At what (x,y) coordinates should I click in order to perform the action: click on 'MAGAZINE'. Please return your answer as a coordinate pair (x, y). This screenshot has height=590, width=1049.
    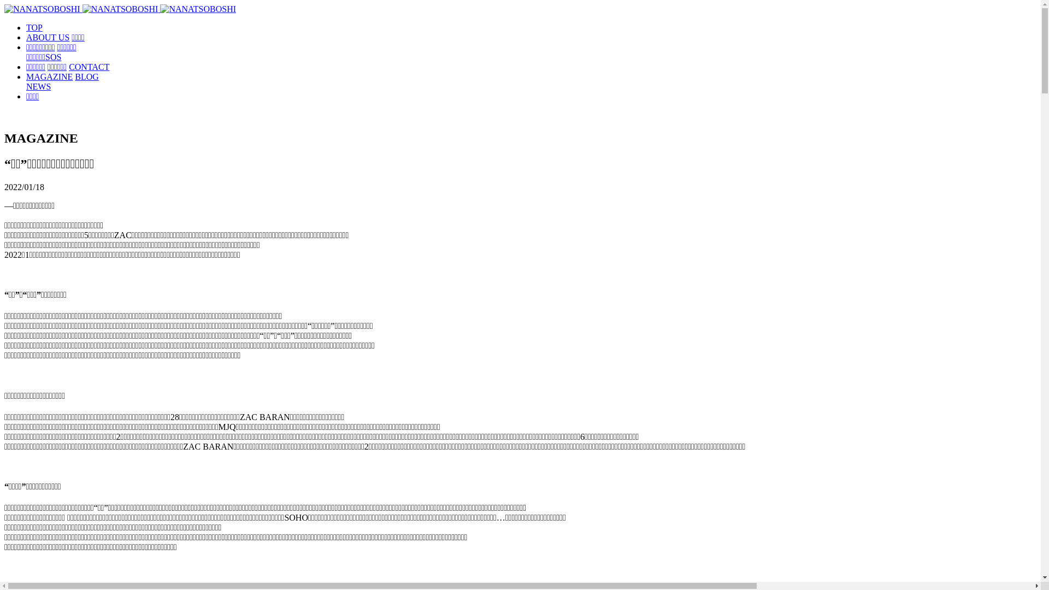
    Looking at the image, I should click on (49, 76).